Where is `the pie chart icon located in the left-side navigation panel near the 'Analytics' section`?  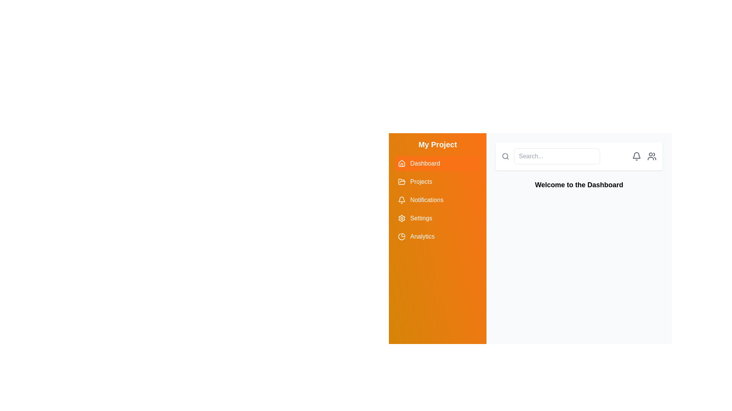 the pie chart icon located in the left-side navigation panel near the 'Analytics' section is located at coordinates (401, 236).